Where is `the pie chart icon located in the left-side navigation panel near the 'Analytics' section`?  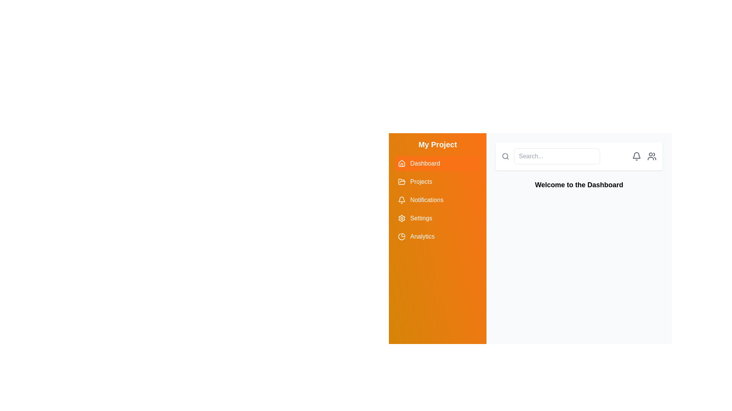 the pie chart icon located in the left-side navigation panel near the 'Analytics' section is located at coordinates (401, 236).